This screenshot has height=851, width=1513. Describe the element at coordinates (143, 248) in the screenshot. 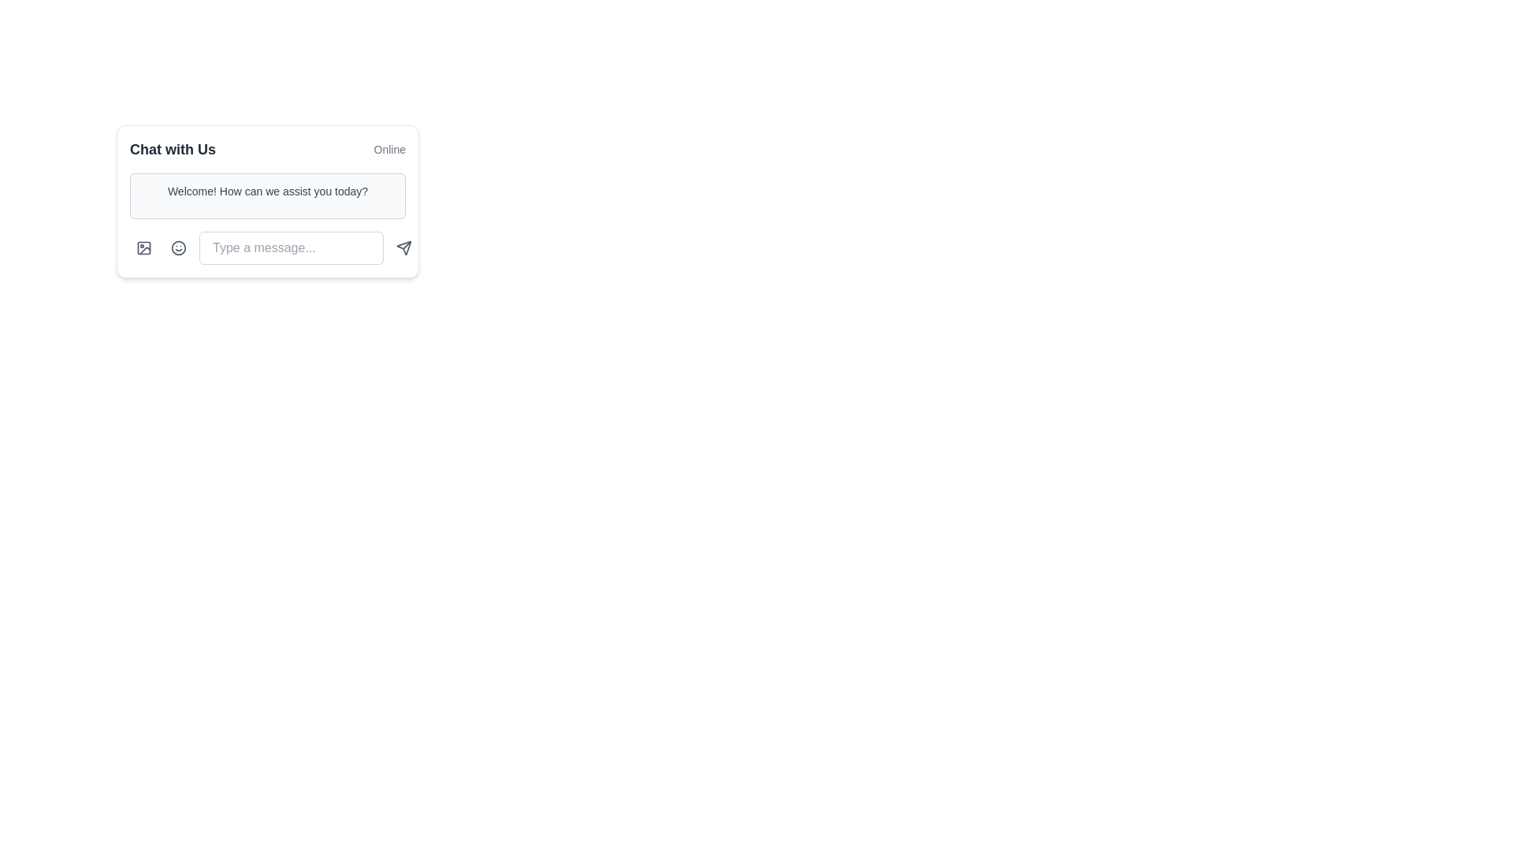

I see `the landscape icon button located on the leftmost side of the chat input interface` at that location.